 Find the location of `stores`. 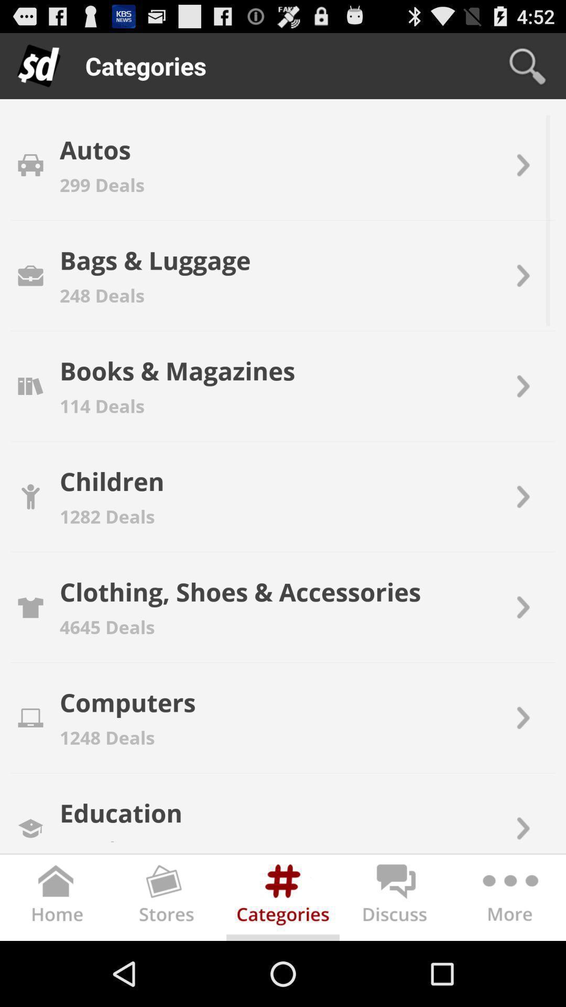

stores is located at coordinates (169, 899).